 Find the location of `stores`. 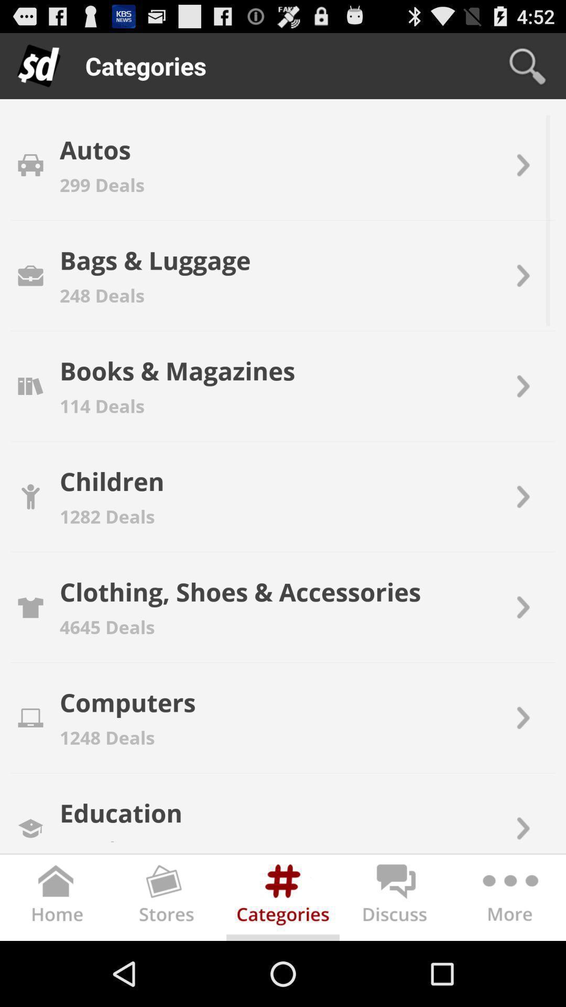

stores is located at coordinates (169, 899).